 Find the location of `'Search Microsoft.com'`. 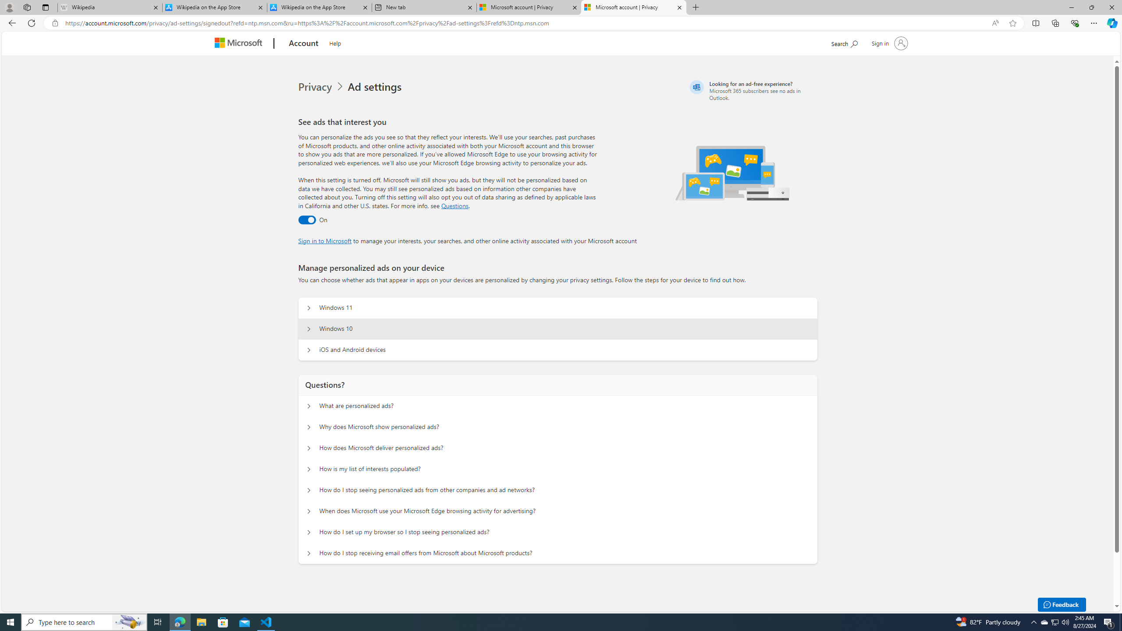

'Search Microsoft.com' is located at coordinates (844, 42).